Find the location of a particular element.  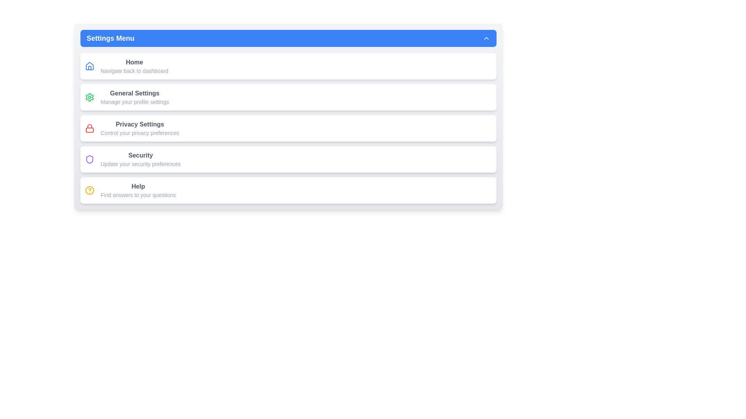

the 'Help' label in the settings menu, which is positioned directly above the text 'Find answers to your questions' is located at coordinates (138, 187).